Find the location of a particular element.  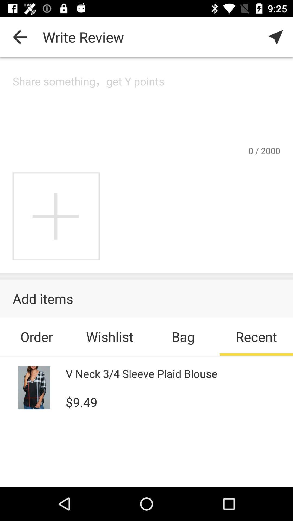

more photos is located at coordinates (56, 216).